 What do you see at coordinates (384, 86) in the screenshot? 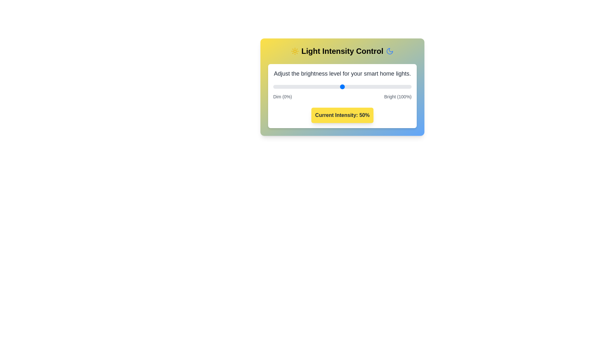
I see `the light intensity to 80% by moving the slider` at bounding box center [384, 86].